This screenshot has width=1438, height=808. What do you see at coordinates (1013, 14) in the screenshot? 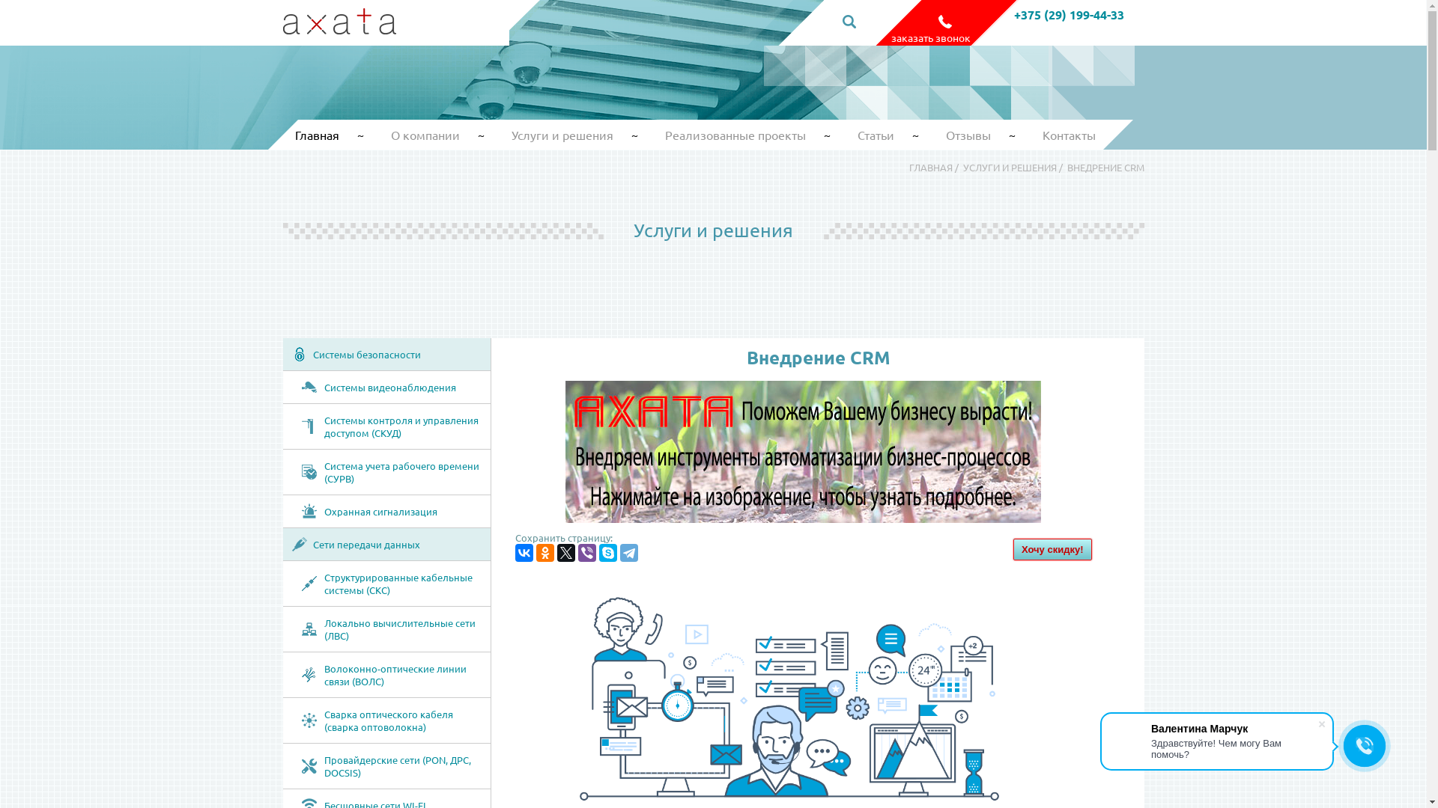
I see `'+375 (29) 199-44-33'` at bounding box center [1013, 14].